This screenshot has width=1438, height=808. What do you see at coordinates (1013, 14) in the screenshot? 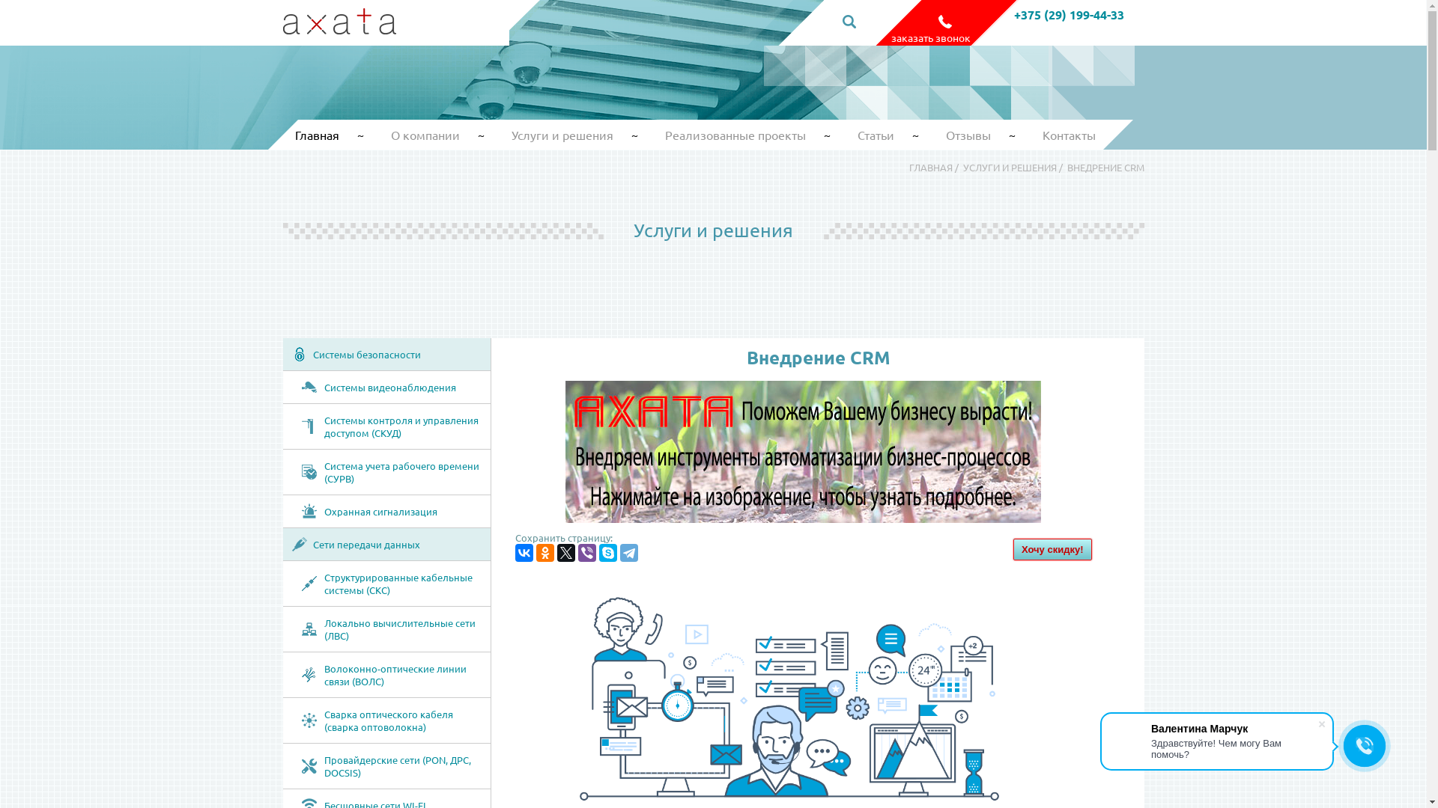
I see `'+375 (29) 199-44-33'` at bounding box center [1013, 14].